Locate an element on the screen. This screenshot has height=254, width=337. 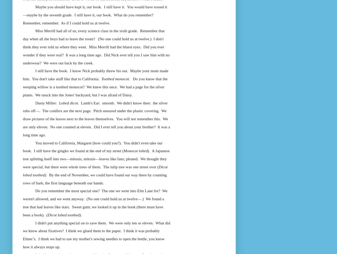
'I
didn't put anything special on to save them. 
We were only ten or eleven.  What
did we know about fixatives?  I think we
glued them to the paper.  I think it was
probably Elmer’s.  I think we had to use
my mother's sewing needles to open the bottle, you know how it always stops
up.' is located at coordinates (96, 234).